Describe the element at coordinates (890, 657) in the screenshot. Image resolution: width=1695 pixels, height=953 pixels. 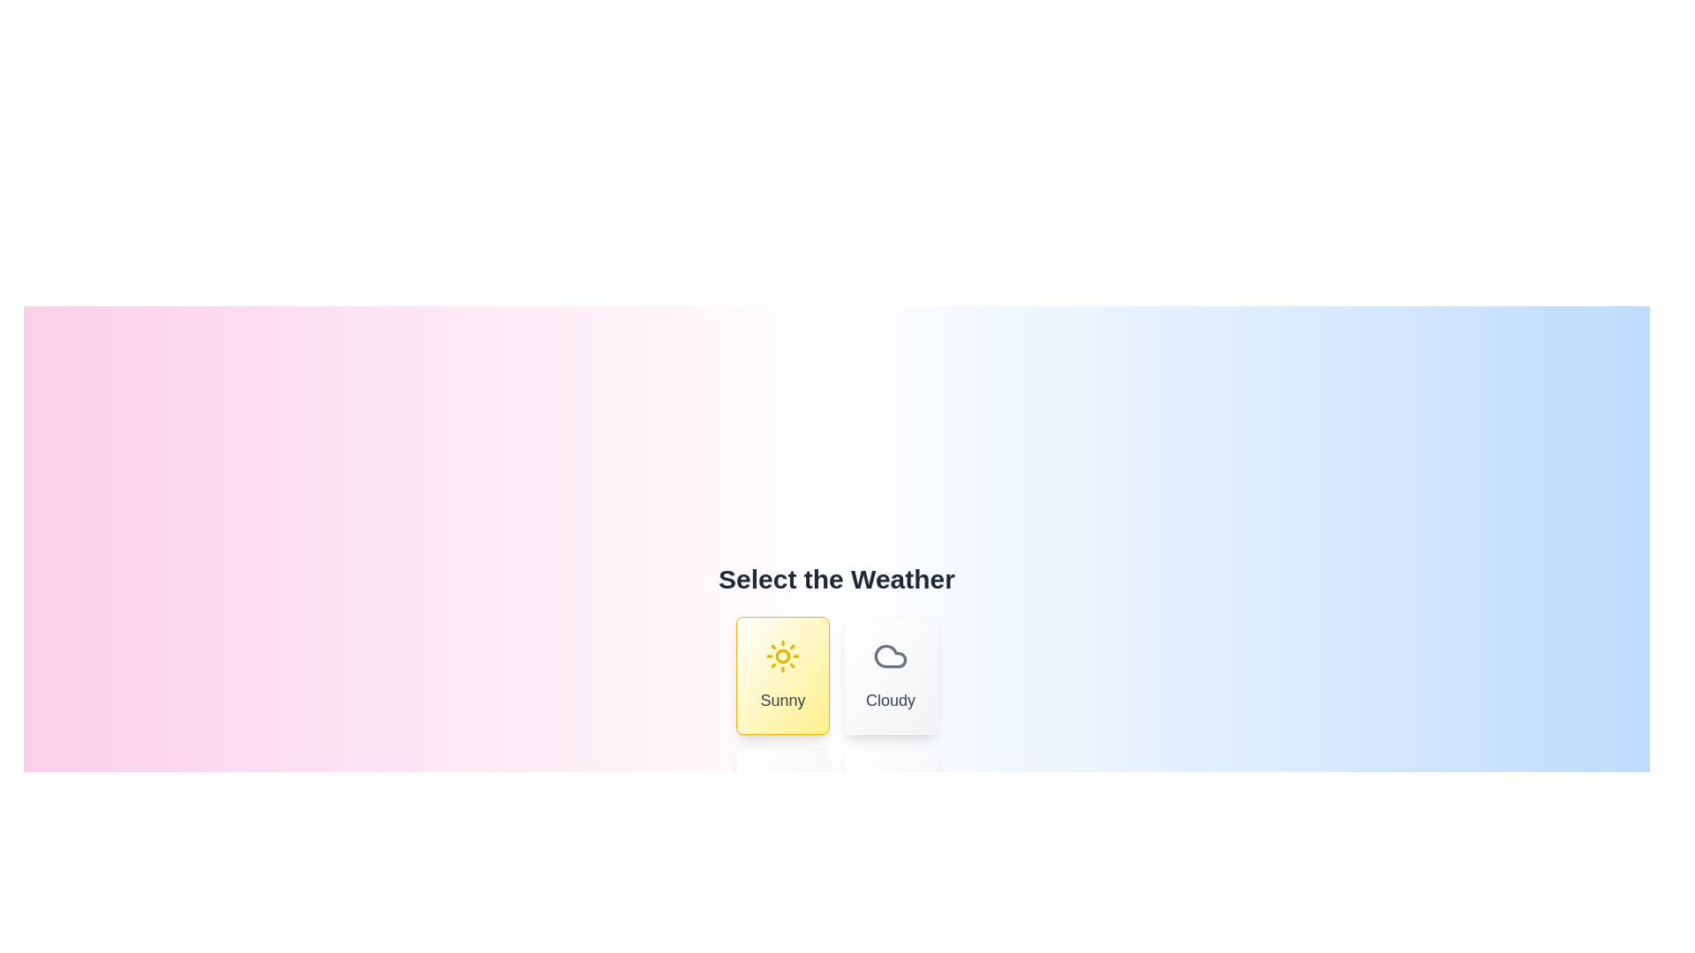
I see `the cloud SVG vector graphic element, which is styled with a gray outline and located at the center of the 'Cloudy' option, positioned to the right of 'Sunny'` at that location.